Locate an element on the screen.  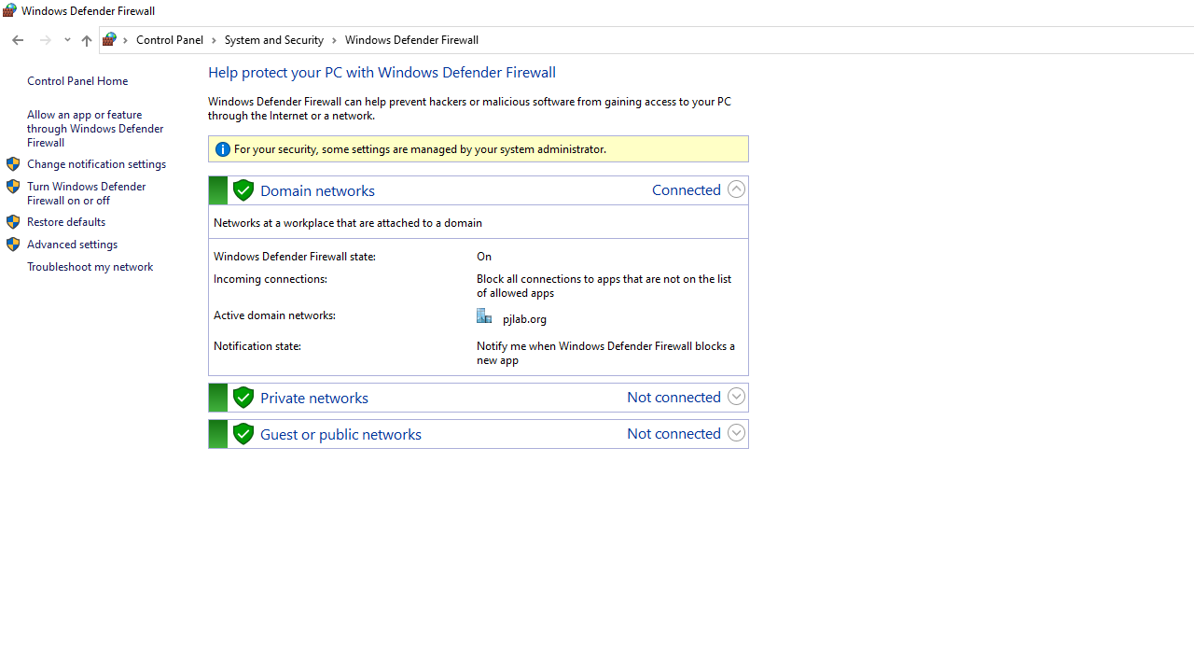
'Advanced settings' is located at coordinates (72, 243).